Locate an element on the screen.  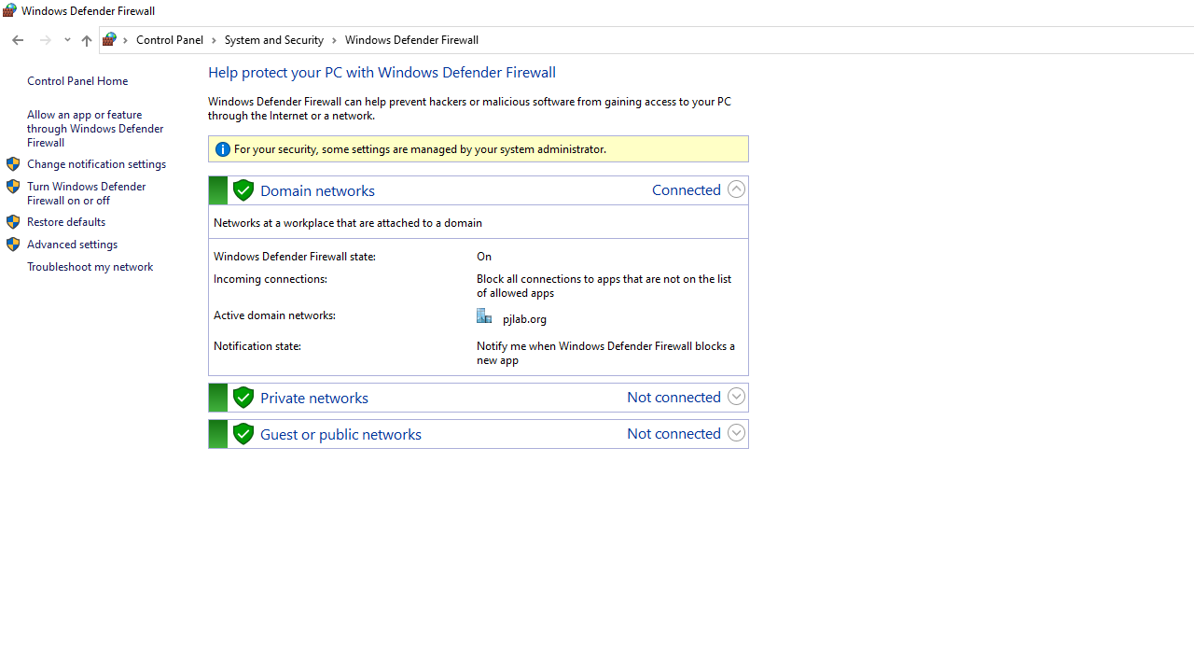
'Advanced settings' is located at coordinates (72, 243).